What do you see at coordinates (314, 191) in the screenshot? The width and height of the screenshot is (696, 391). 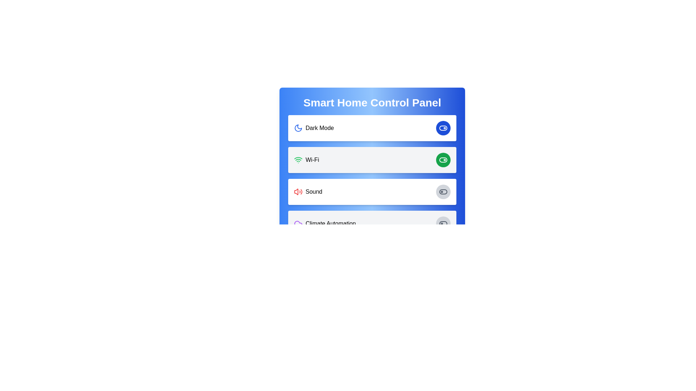 I see `the 'Sound' label, which is a text component styled in medium font, positioned between a sound icon and a toggle switch in the sound control section of the interface` at bounding box center [314, 191].